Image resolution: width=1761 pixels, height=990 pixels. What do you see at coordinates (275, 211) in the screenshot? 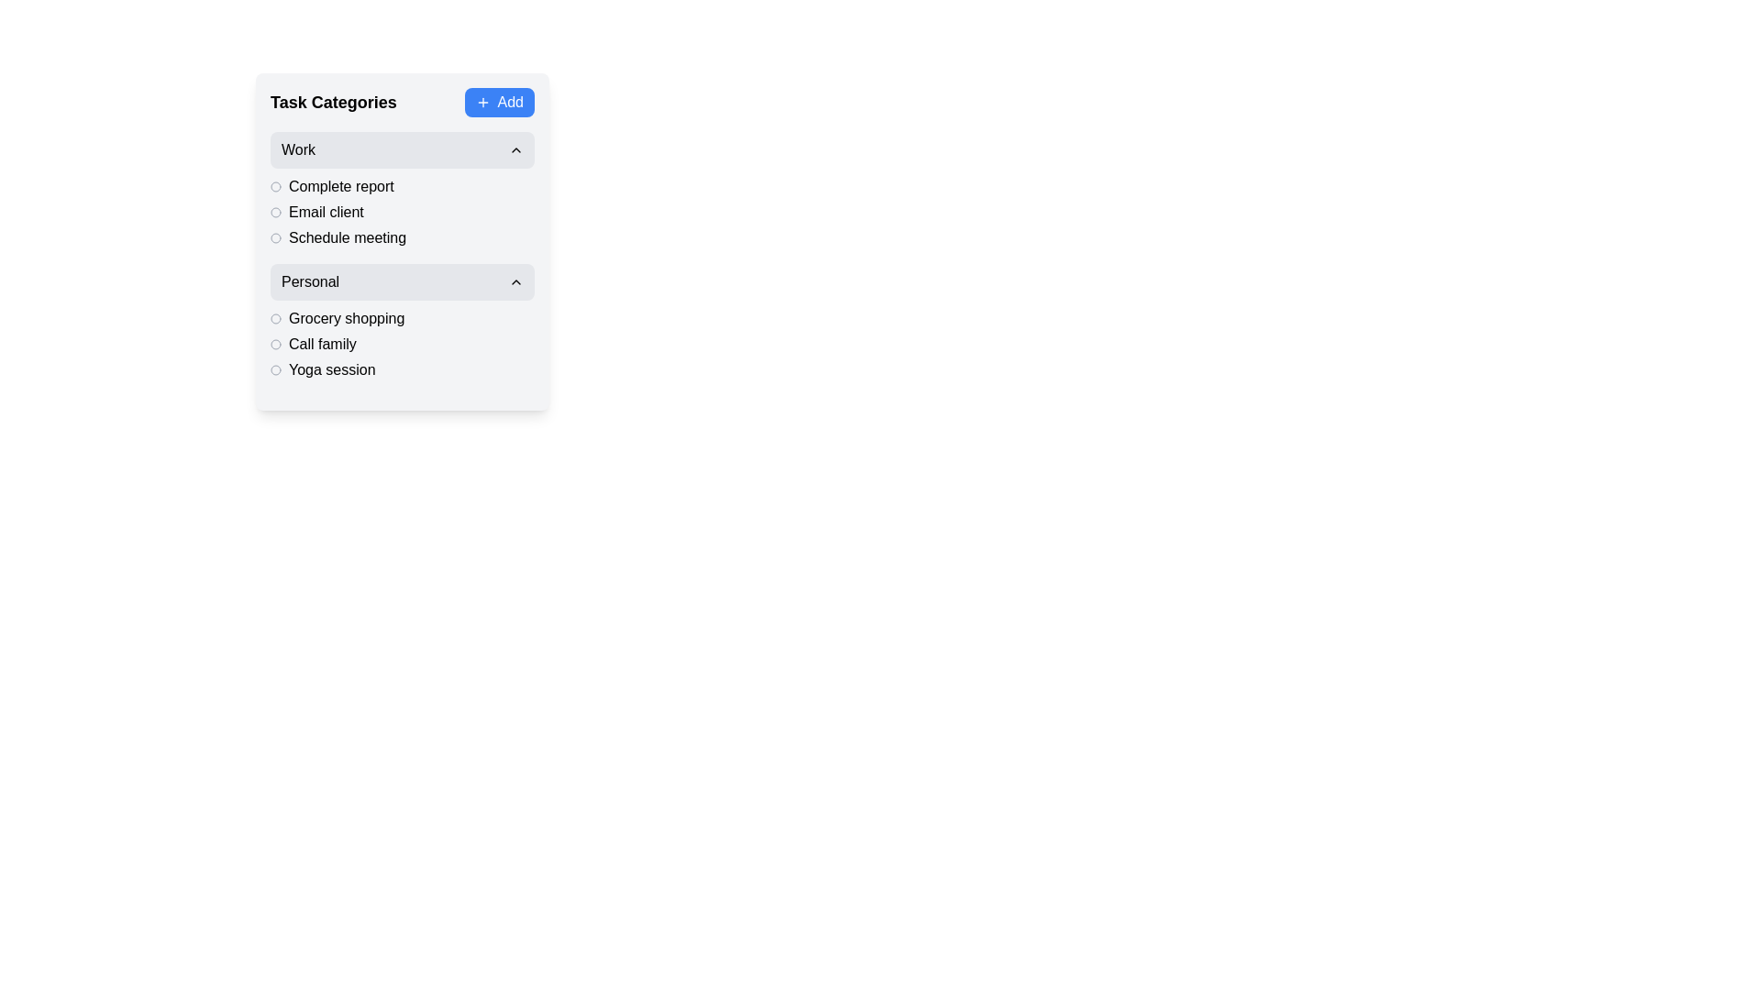
I see `the decorative icon associated with the 'Email client' text, which signifies status or an actionable item, located to the left of the 'Email client' text in the 'Work' category` at bounding box center [275, 211].